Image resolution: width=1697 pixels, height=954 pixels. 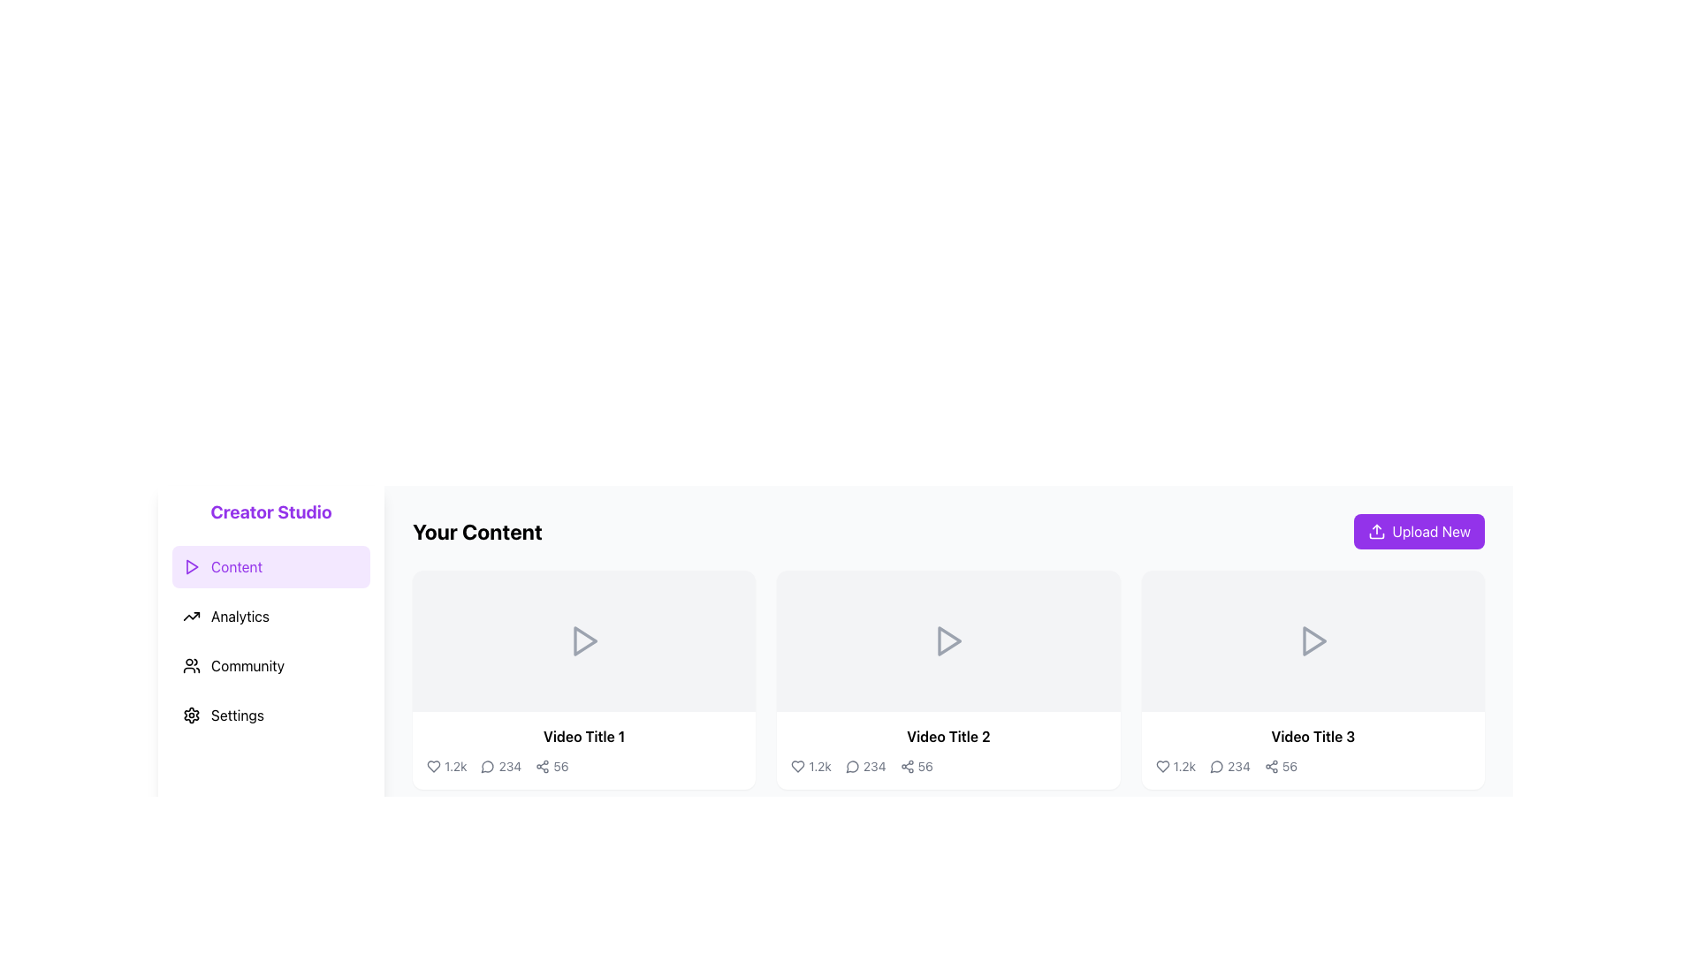 What do you see at coordinates (270, 715) in the screenshot?
I see `the 'Settings' navigation list item in the left sidebar` at bounding box center [270, 715].